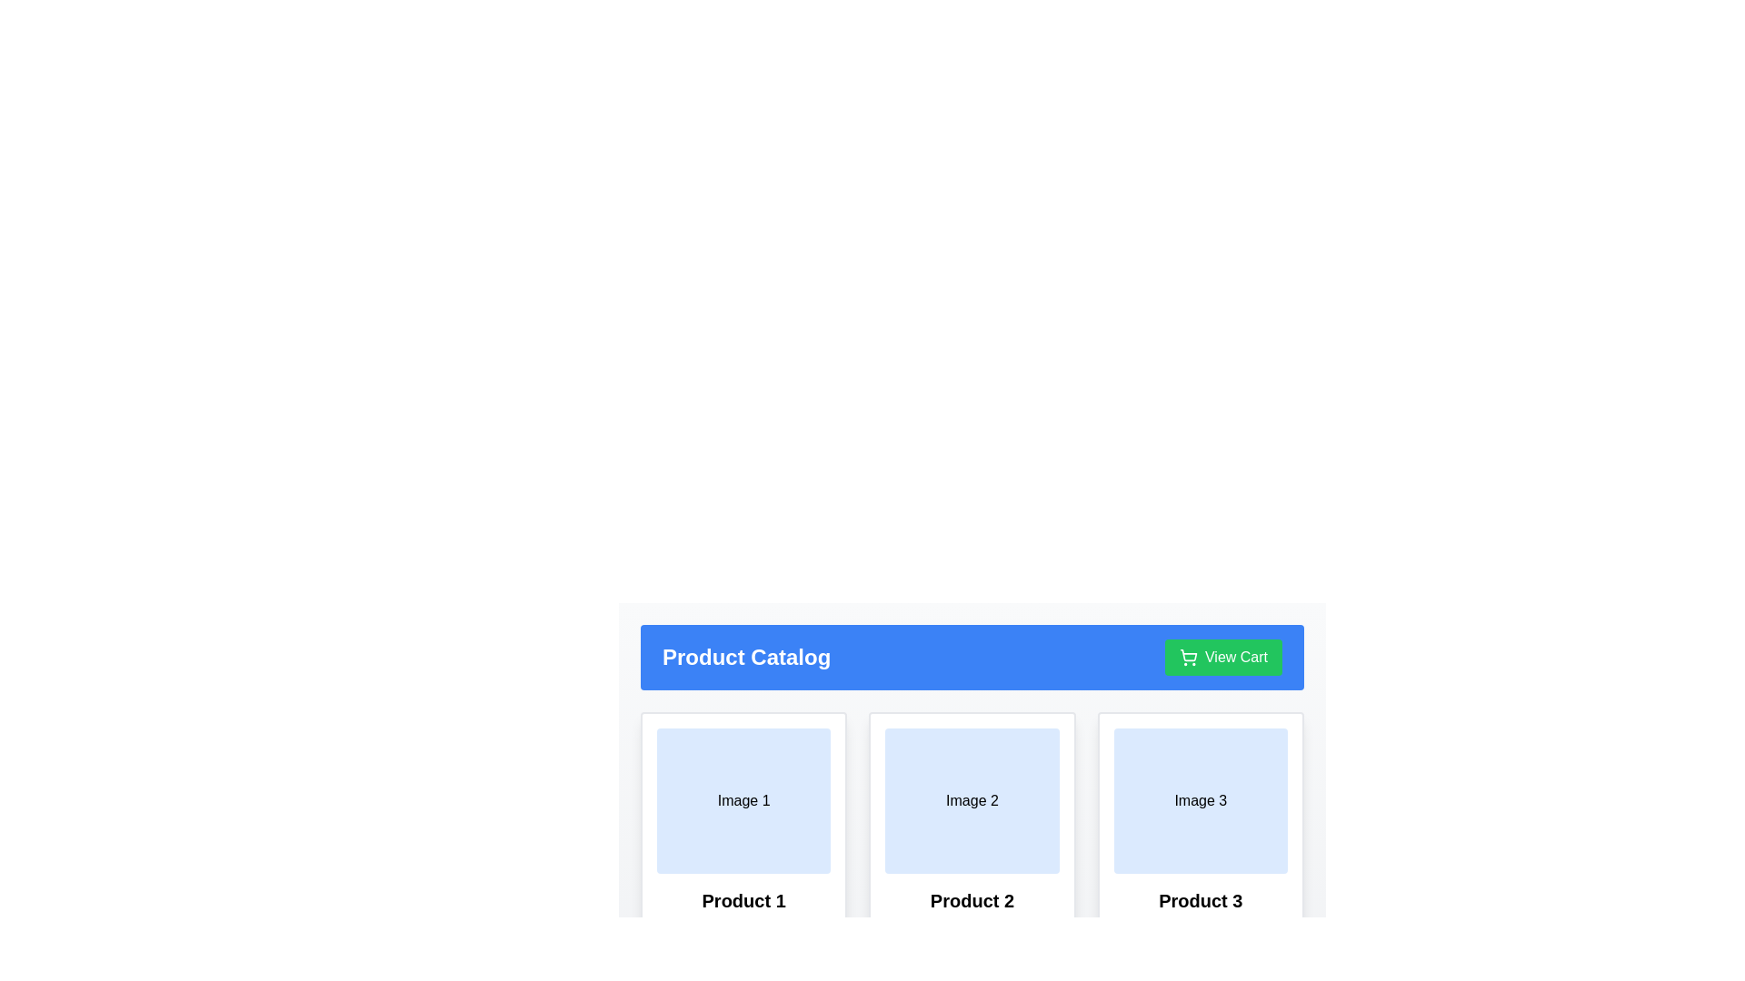  Describe the element at coordinates (746, 658) in the screenshot. I see `the 'Product Catalog' text label displayed in bold and large font on a blue background in the upper-left corner of the header section` at that location.